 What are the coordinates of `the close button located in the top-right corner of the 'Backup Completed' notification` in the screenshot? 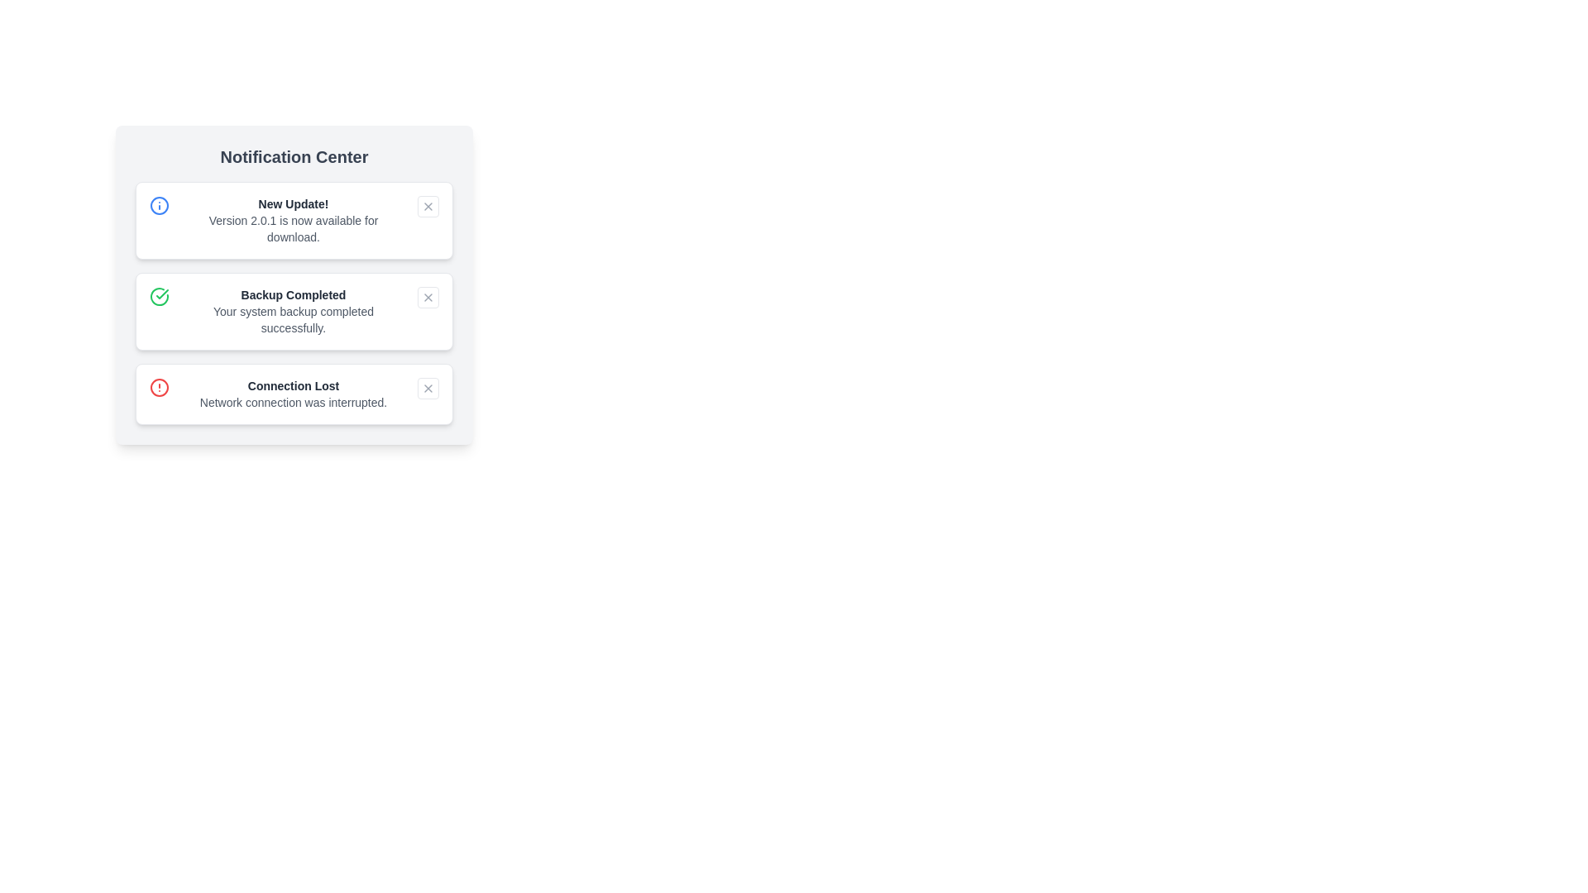 It's located at (428, 296).